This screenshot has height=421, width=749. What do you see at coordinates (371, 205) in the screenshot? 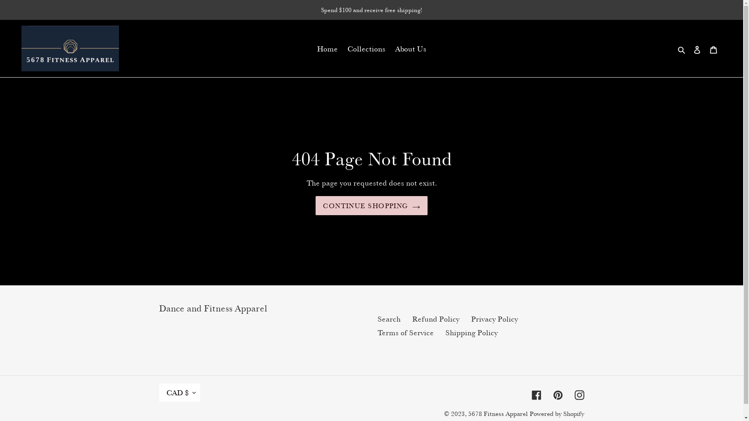
I see `'CONTINUE SHOPPING'` at bounding box center [371, 205].